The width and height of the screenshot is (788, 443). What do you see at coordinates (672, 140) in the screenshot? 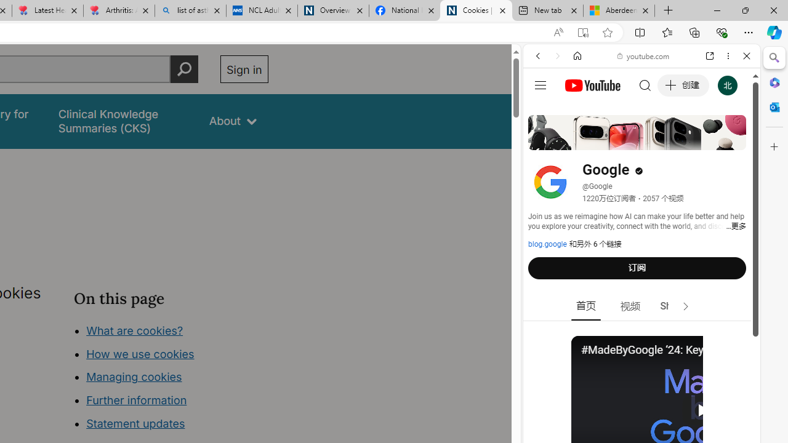
I see `'SEARCH TOOLS'` at bounding box center [672, 140].